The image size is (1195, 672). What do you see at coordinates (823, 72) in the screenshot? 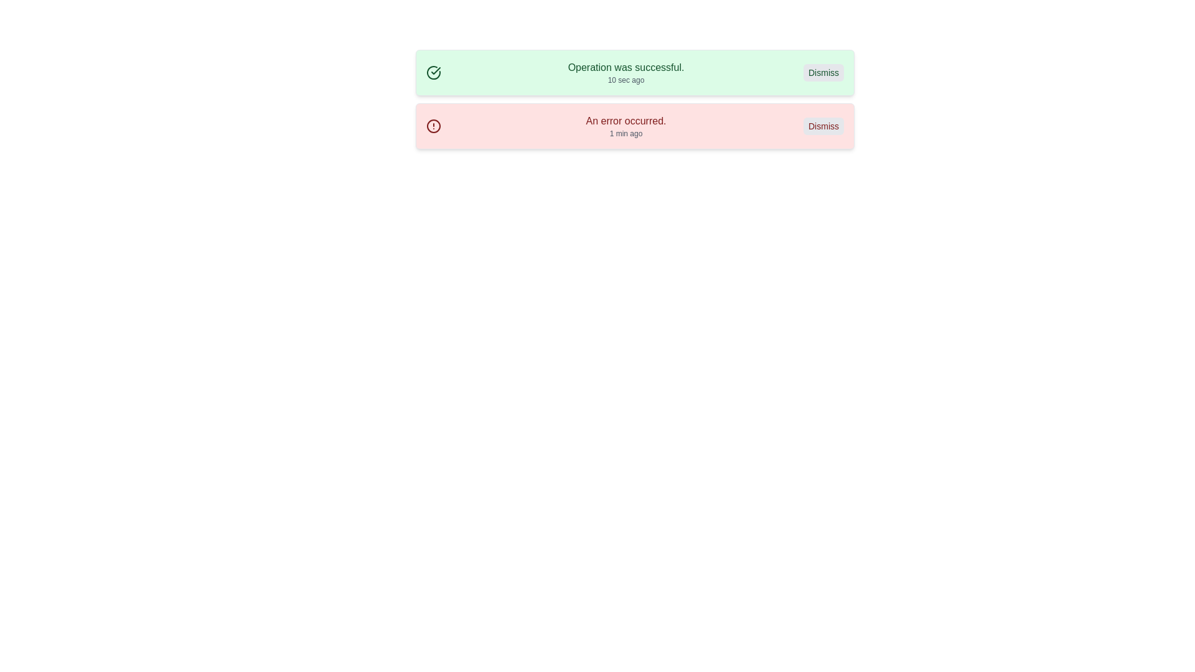
I see `the 'Dismiss' button located on the right side of the green background notification bar` at bounding box center [823, 72].